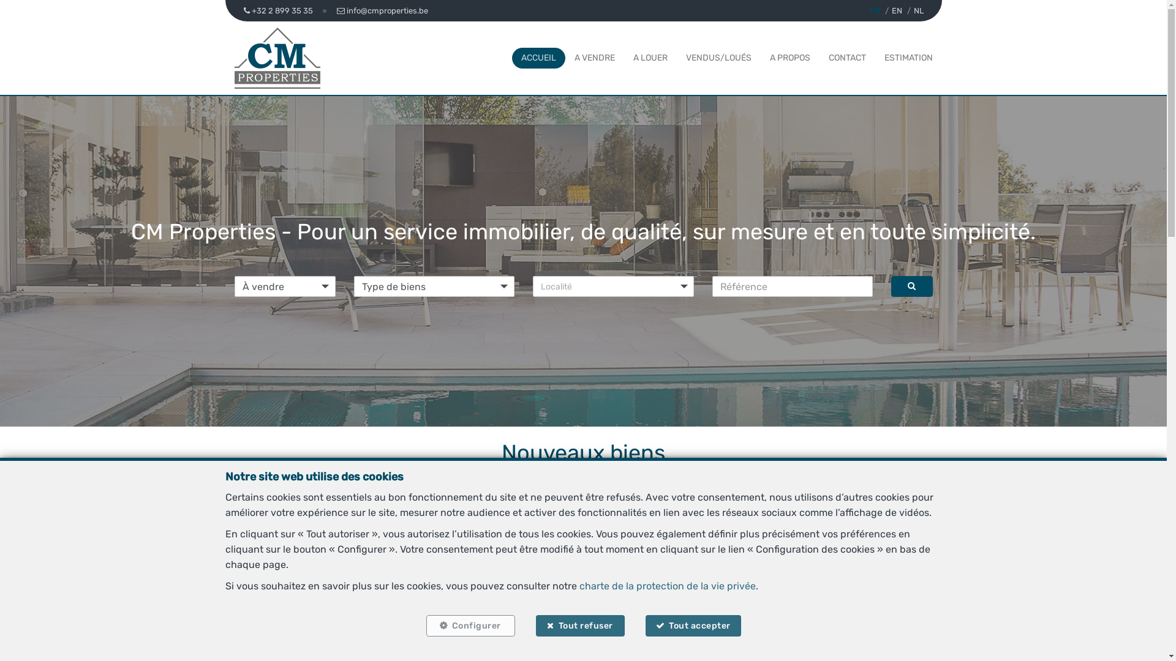 Image resolution: width=1176 pixels, height=661 pixels. What do you see at coordinates (381, 10) in the screenshot?
I see `'info@cmproperties.be'` at bounding box center [381, 10].